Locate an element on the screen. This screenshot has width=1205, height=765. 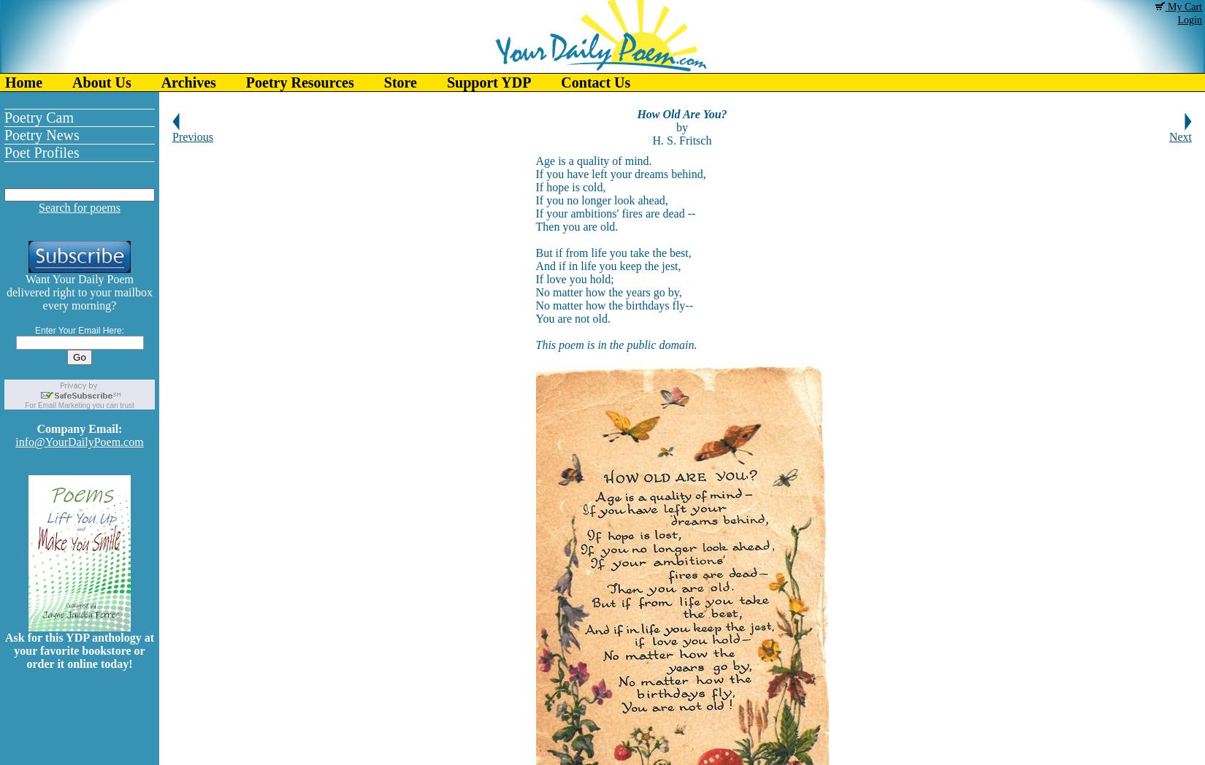
'You Like Us!' is located at coordinates (34, 41).